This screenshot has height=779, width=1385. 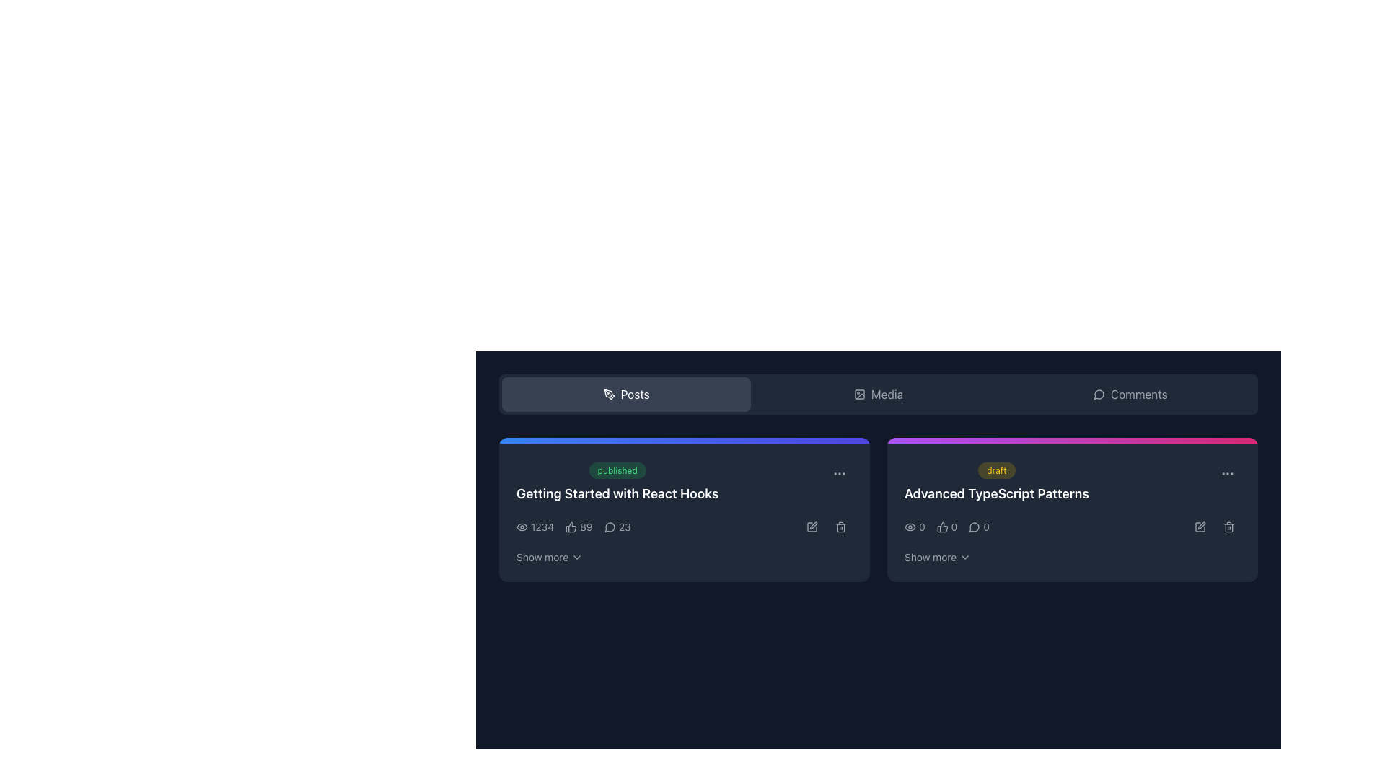 What do you see at coordinates (626, 395) in the screenshot?
I see `the rectangular button with a pen icon and the text 'Posts'` at bounding box center [626, 395].